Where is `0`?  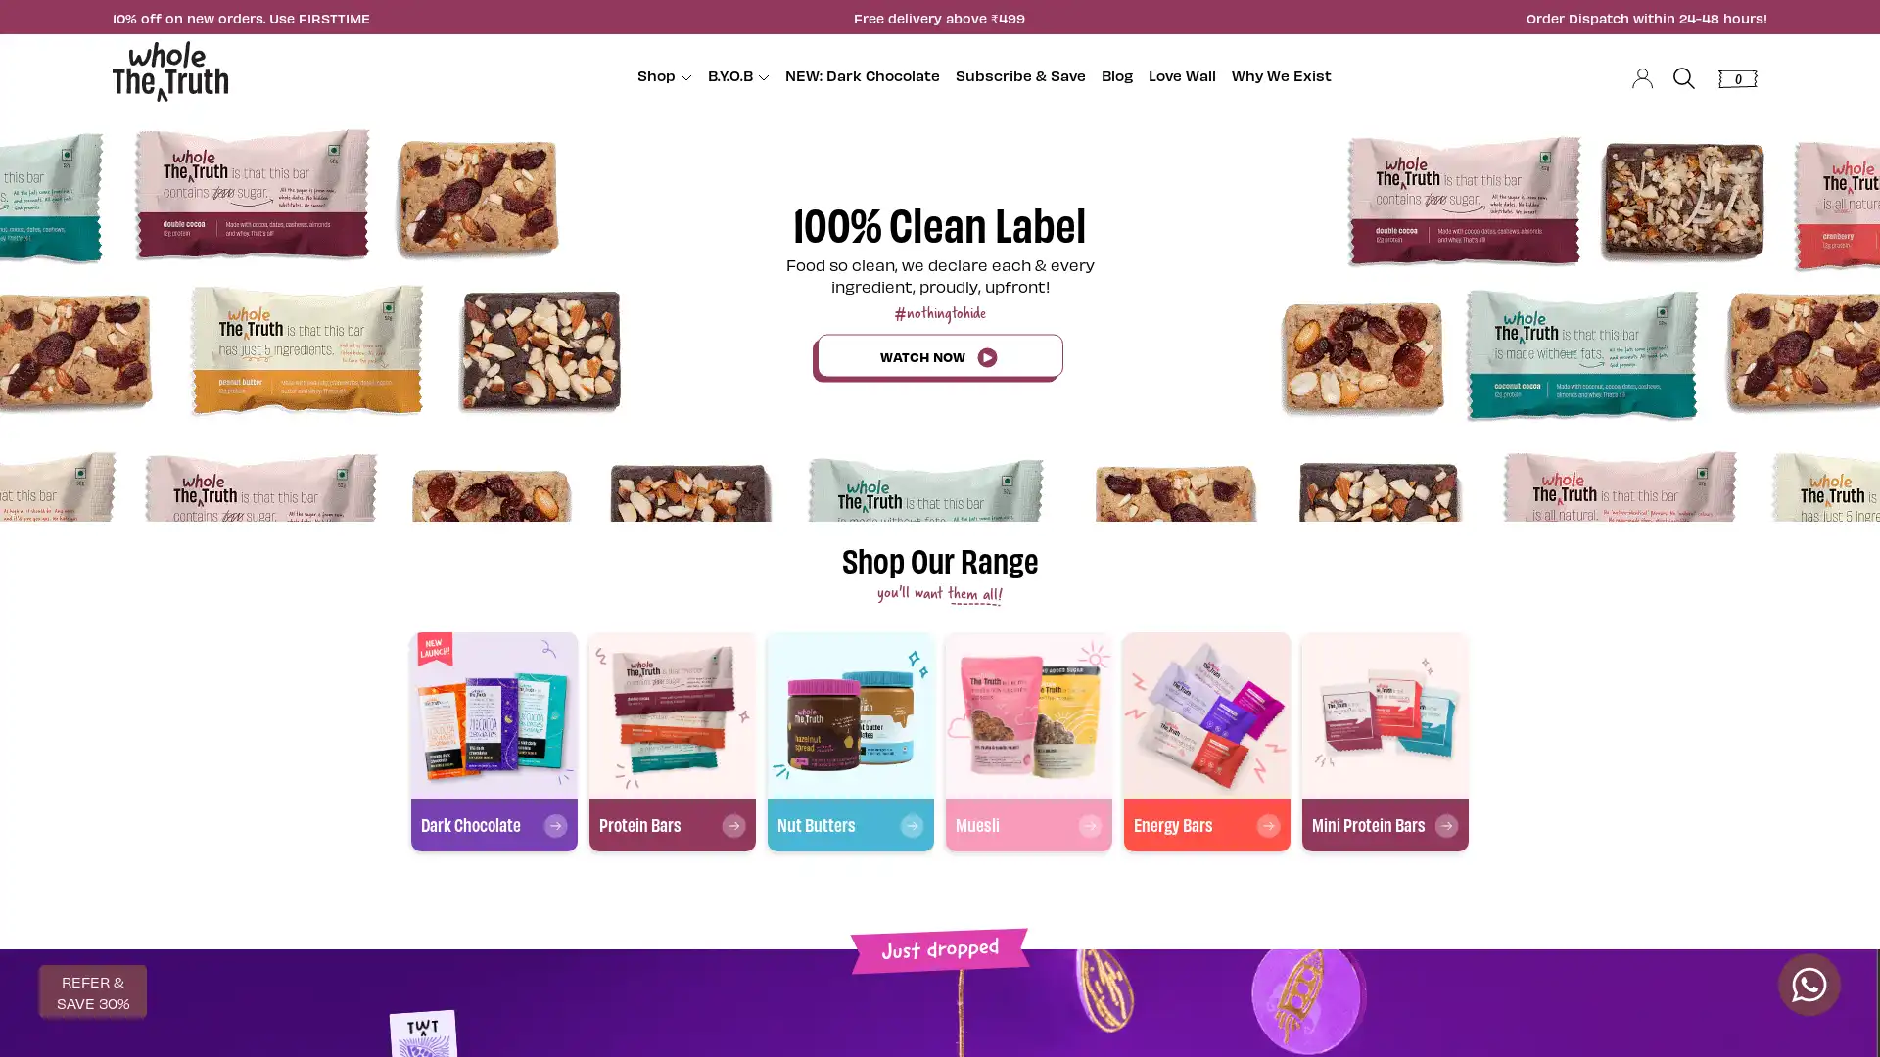
0 is located at coordinates (1735, 73).